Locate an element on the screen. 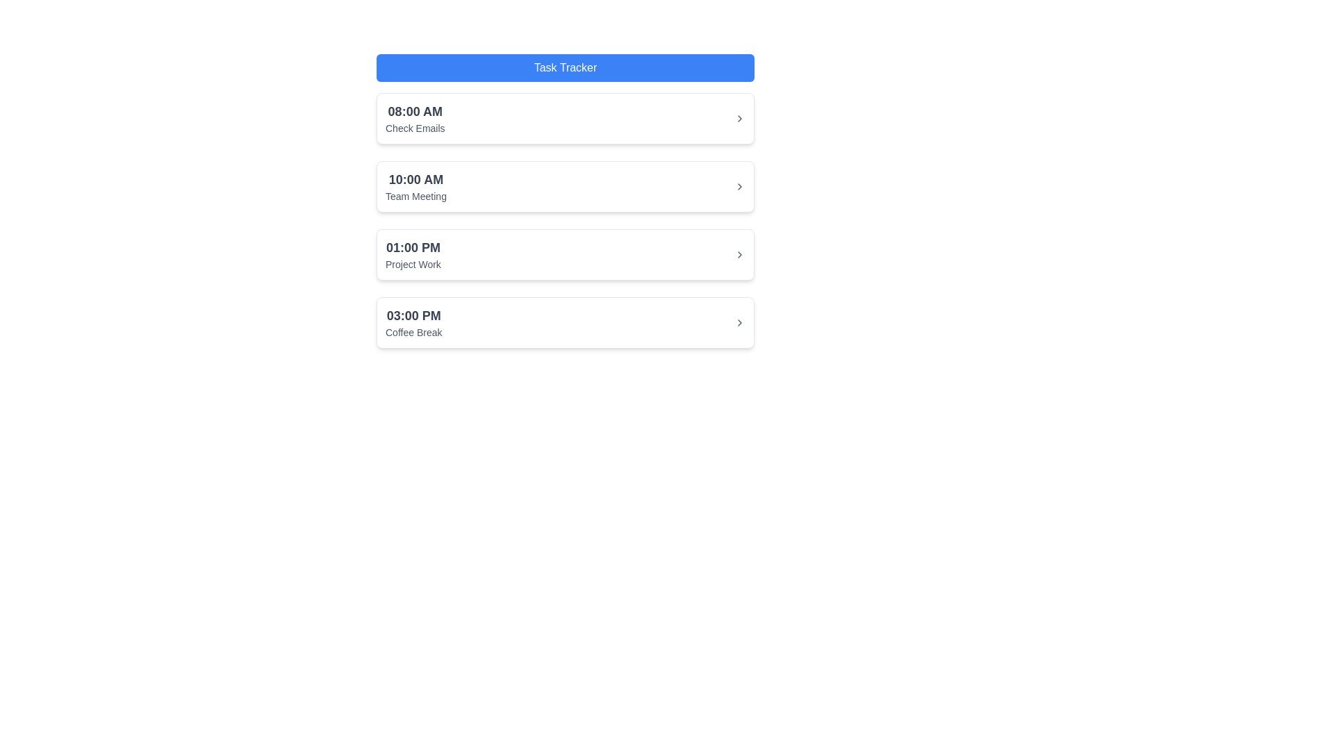 The width and height of the screenshot is (1334, 750). the 'Team Meeting' schedule entry, which is the second item is located at coordinates (566, 186).